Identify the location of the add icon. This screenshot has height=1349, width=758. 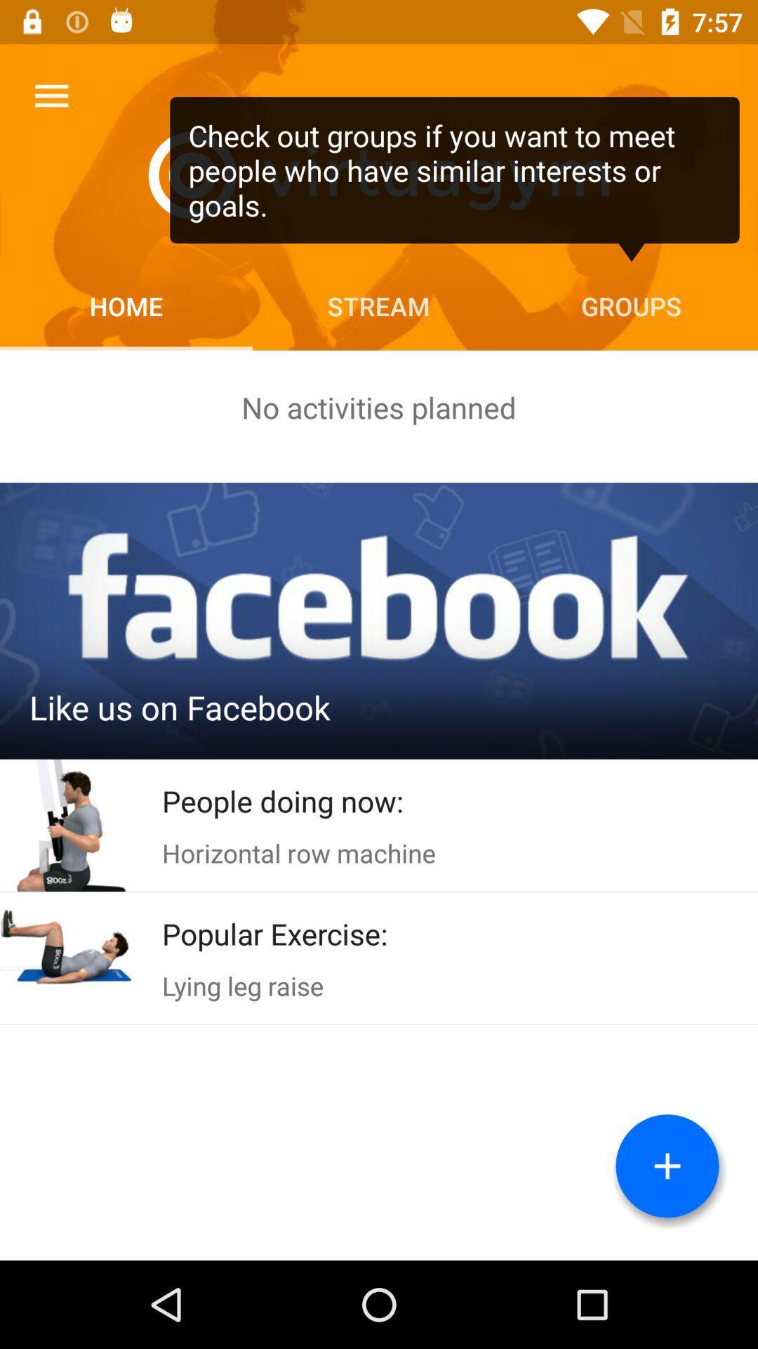
(667, 1166).